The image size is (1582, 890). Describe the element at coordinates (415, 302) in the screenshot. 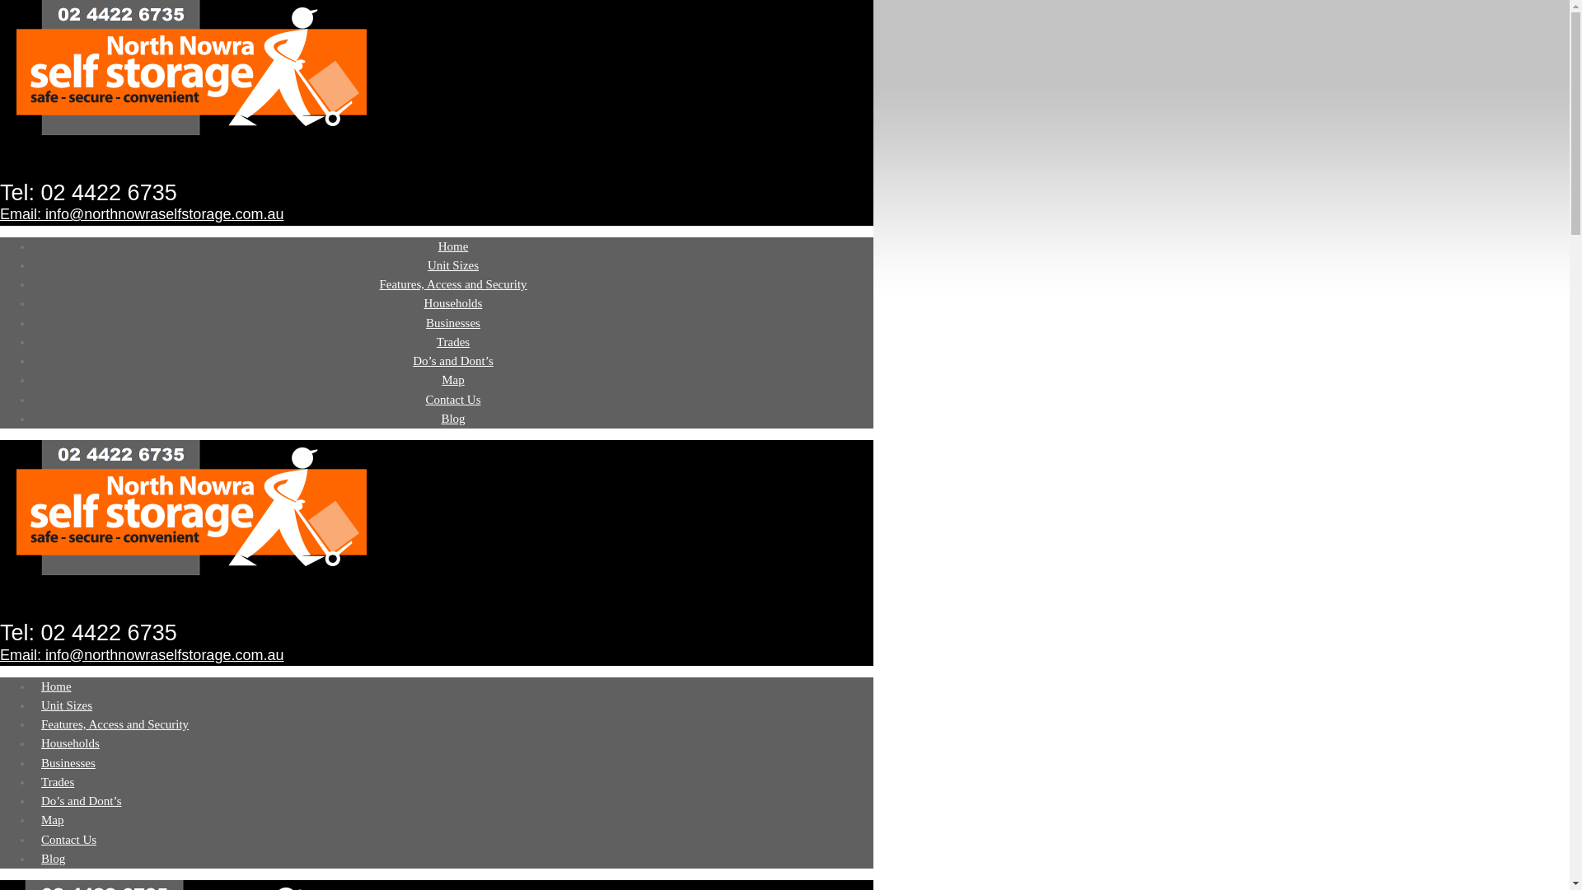

I see `'Households'` at that location.